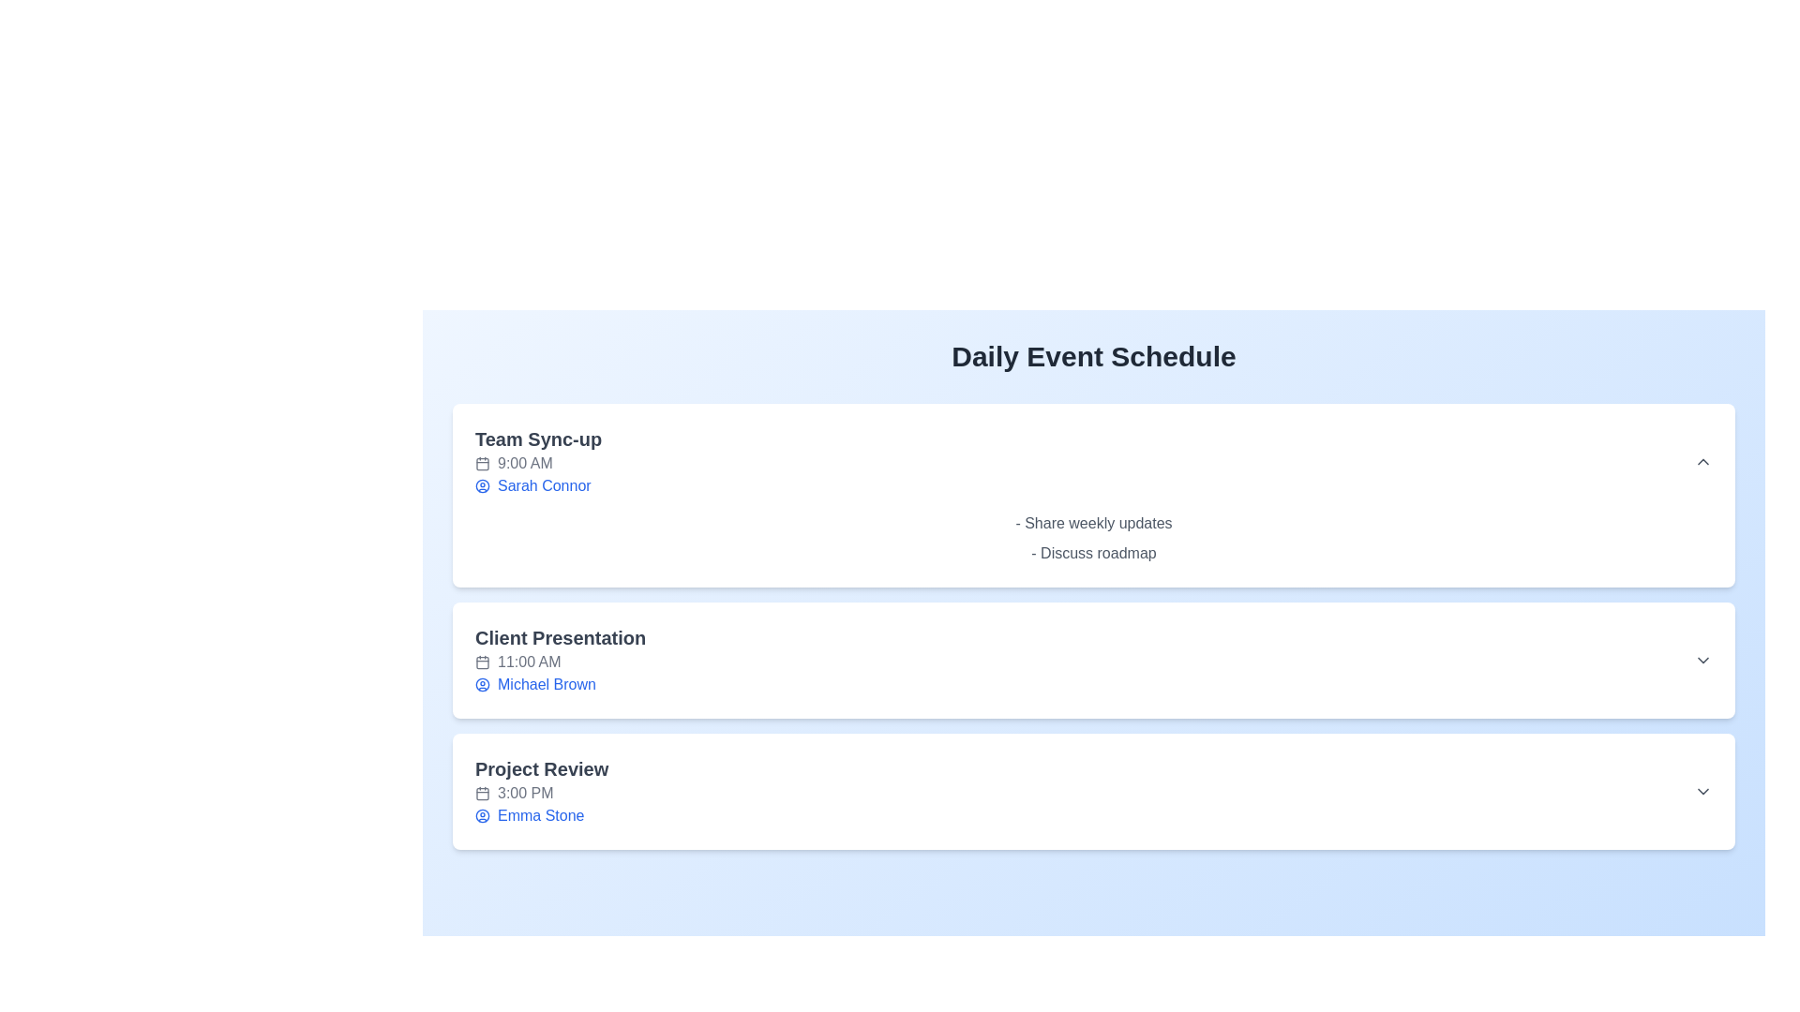 This screenshot has height=1012, width=1800. Describe the element at coordinates (546, 685) in the screenshot. I see `text content of the label displaying the name 'Michael Brown', which is located within the second card titled 'Client Presentation' at 11:00 AM` at that location.